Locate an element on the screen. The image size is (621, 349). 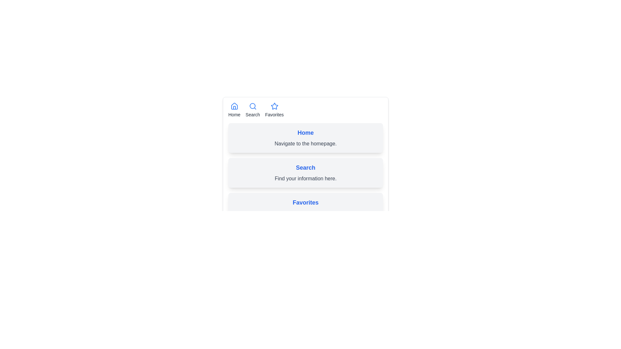
the bold, blue-colored 'Home' text label located at the top of its light grey, rounded rectangular box is located at coordinates (305, 132).